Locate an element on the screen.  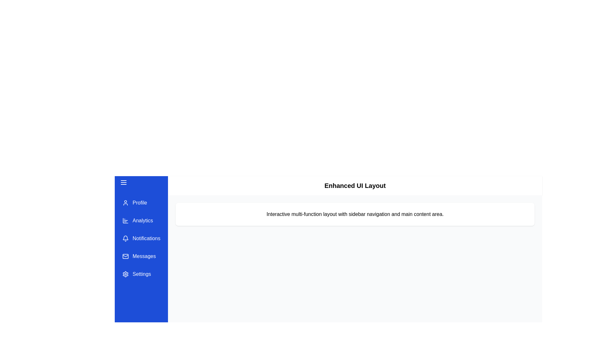
the blue hamburger menu button located at the top-left corner of the sidebar is located at coordinates (141, 183).